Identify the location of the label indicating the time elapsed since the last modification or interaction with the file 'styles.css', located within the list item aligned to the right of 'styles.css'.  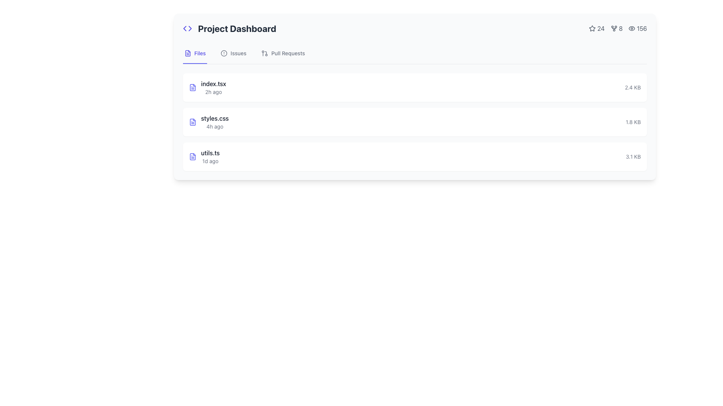
(214, 126).